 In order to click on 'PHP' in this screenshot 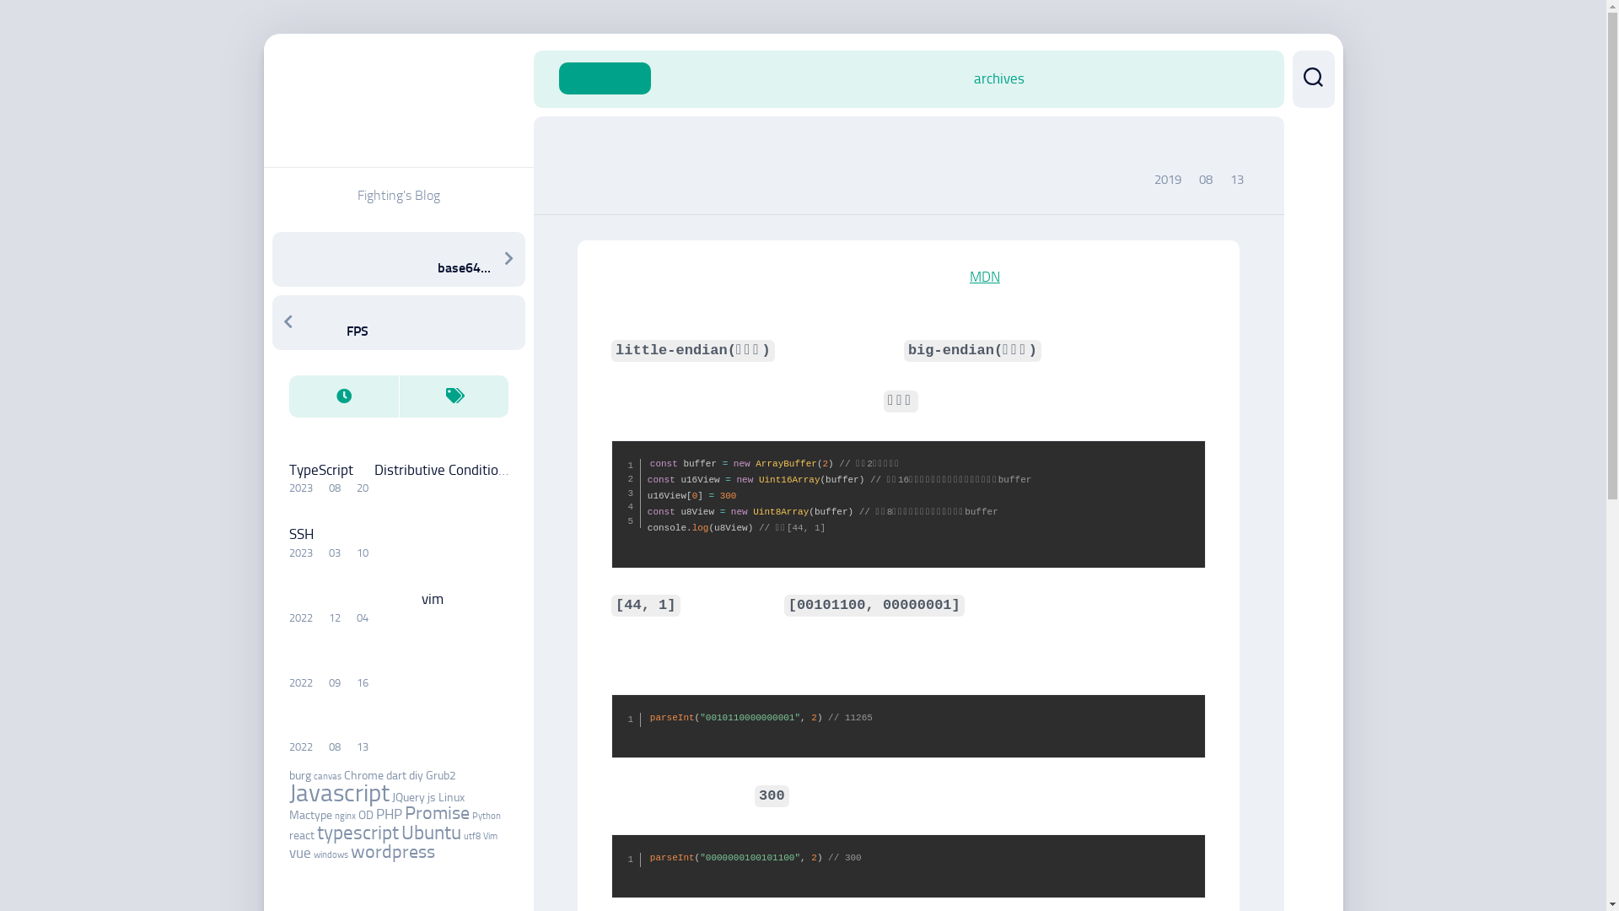, I will do `click(375, 812)`.